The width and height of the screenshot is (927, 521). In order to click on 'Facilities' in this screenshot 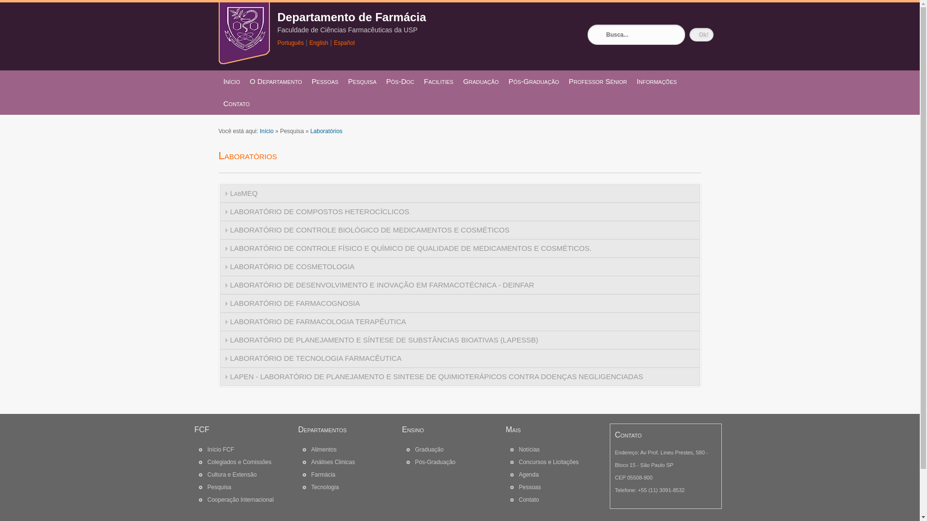, I will do `click(438, 81)`.